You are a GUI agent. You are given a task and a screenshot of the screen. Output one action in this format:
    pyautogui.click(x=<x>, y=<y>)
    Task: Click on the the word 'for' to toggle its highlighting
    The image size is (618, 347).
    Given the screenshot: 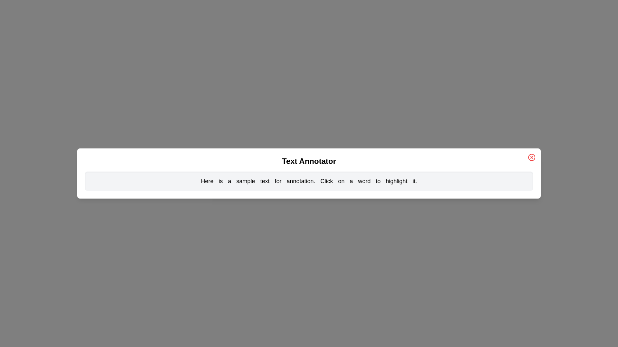 What is the action you would take?
    pyautogui.click(x=278, y=181)
    